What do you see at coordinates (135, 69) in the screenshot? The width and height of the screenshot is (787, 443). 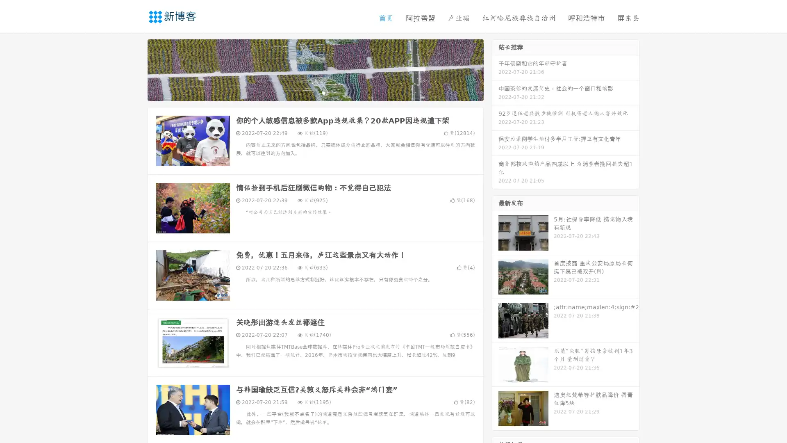 I see `Previous slide` at bounding box center [135, 69].